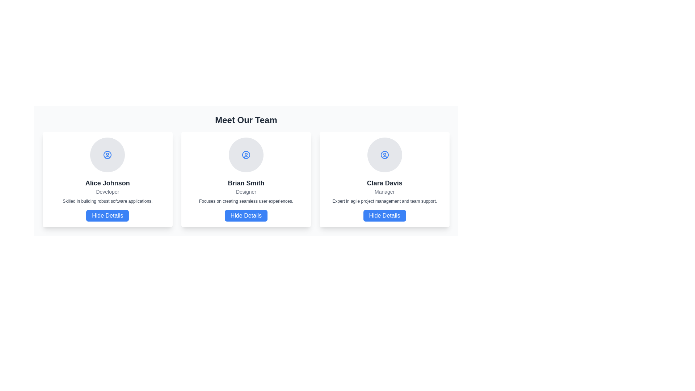 The width and height of the screenshot is (695, 391). I want to click on the user profile icon associated with 'Alice Johnson' in the top-center of the first card, so click(107, 155).